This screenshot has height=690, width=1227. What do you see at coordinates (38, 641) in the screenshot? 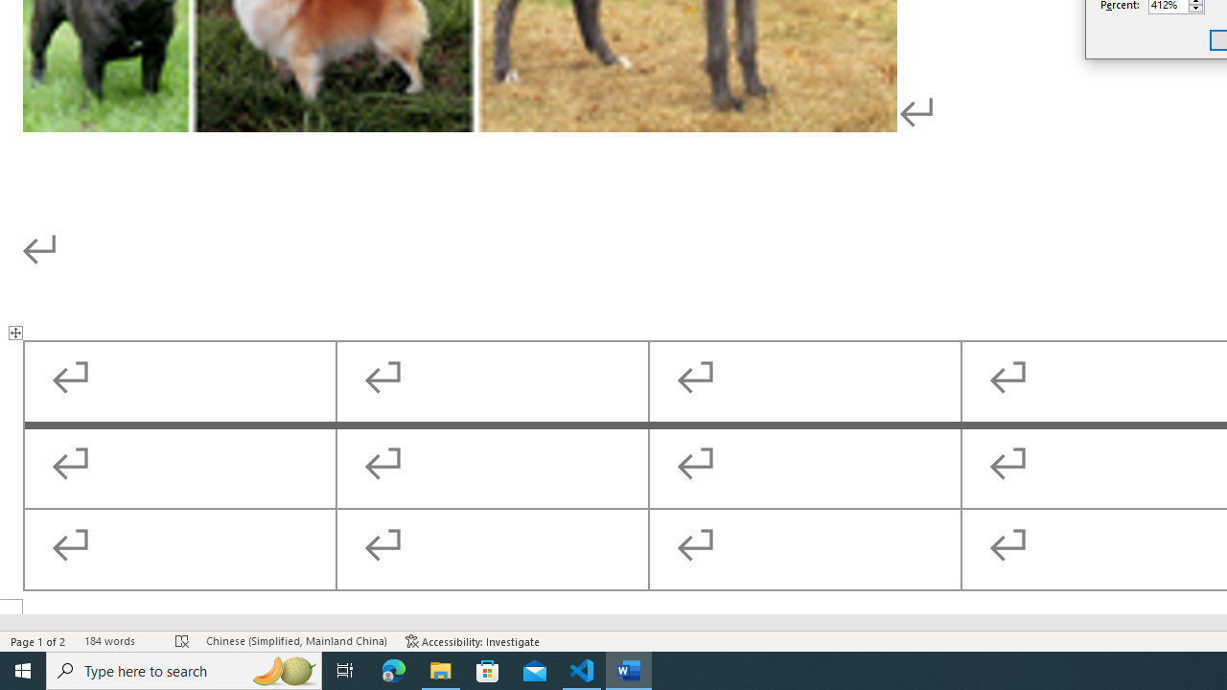
I see `'Page Number Page 1 of 2'` at bounding box center [38, 641].